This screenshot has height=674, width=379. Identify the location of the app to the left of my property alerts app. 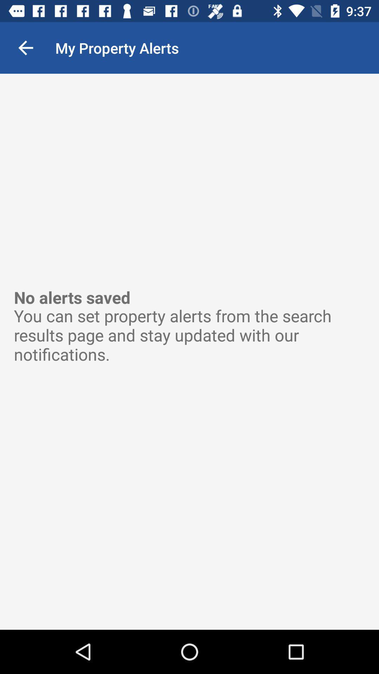
(25, 47).